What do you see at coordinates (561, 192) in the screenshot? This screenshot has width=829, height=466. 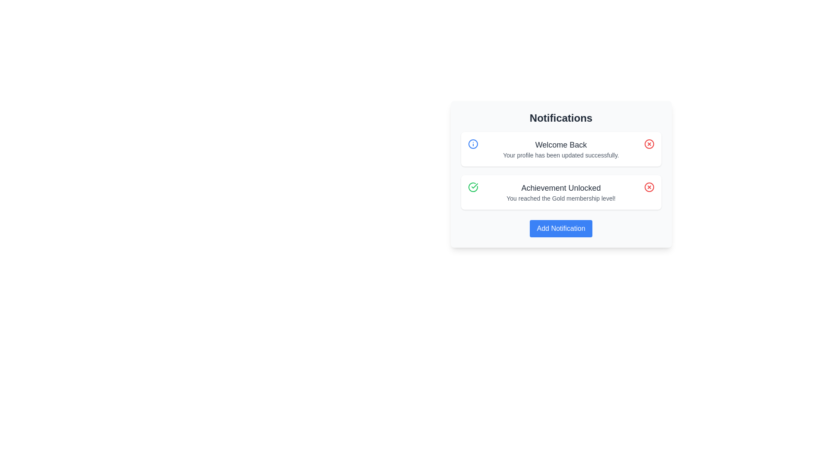 I see `the second notification card in the notification panel that informs the user of their achievement of reaching the Gold membership level` at bounding box center [561, 192].